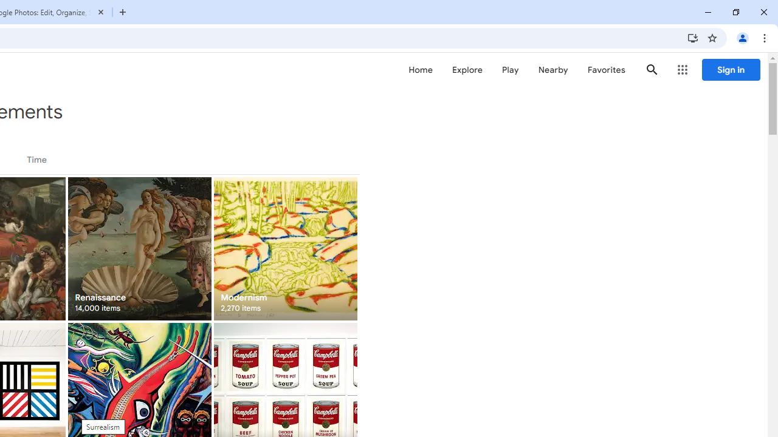  Describe the element at coordinates (466, 70) in the screenshot. I see `'Explore'` at that location.